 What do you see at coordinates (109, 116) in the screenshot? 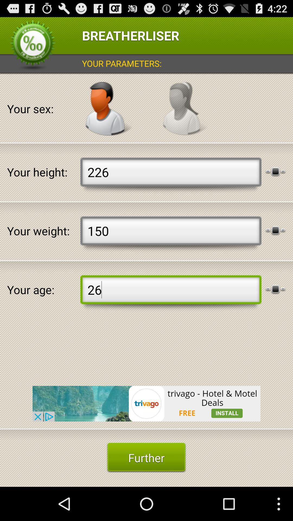
I see `the avatar icon` at bounding box center [109, 116].